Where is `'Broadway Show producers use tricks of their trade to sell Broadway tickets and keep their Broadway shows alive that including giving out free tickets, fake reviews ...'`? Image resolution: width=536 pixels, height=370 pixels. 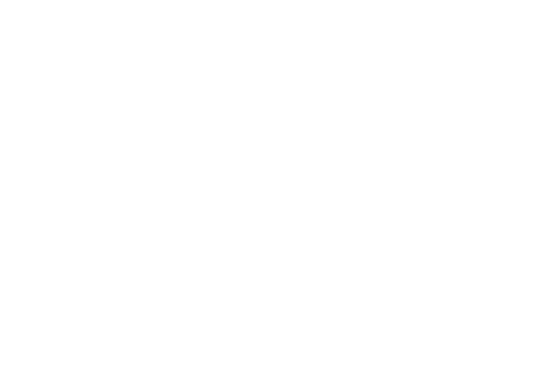 'Broadway Show producers use tricks of their trade to sell Broadway tickets and keep their Broadway shows alive that including giving out free tickets, fake reviews ...' is located at coordinates (75, 65).